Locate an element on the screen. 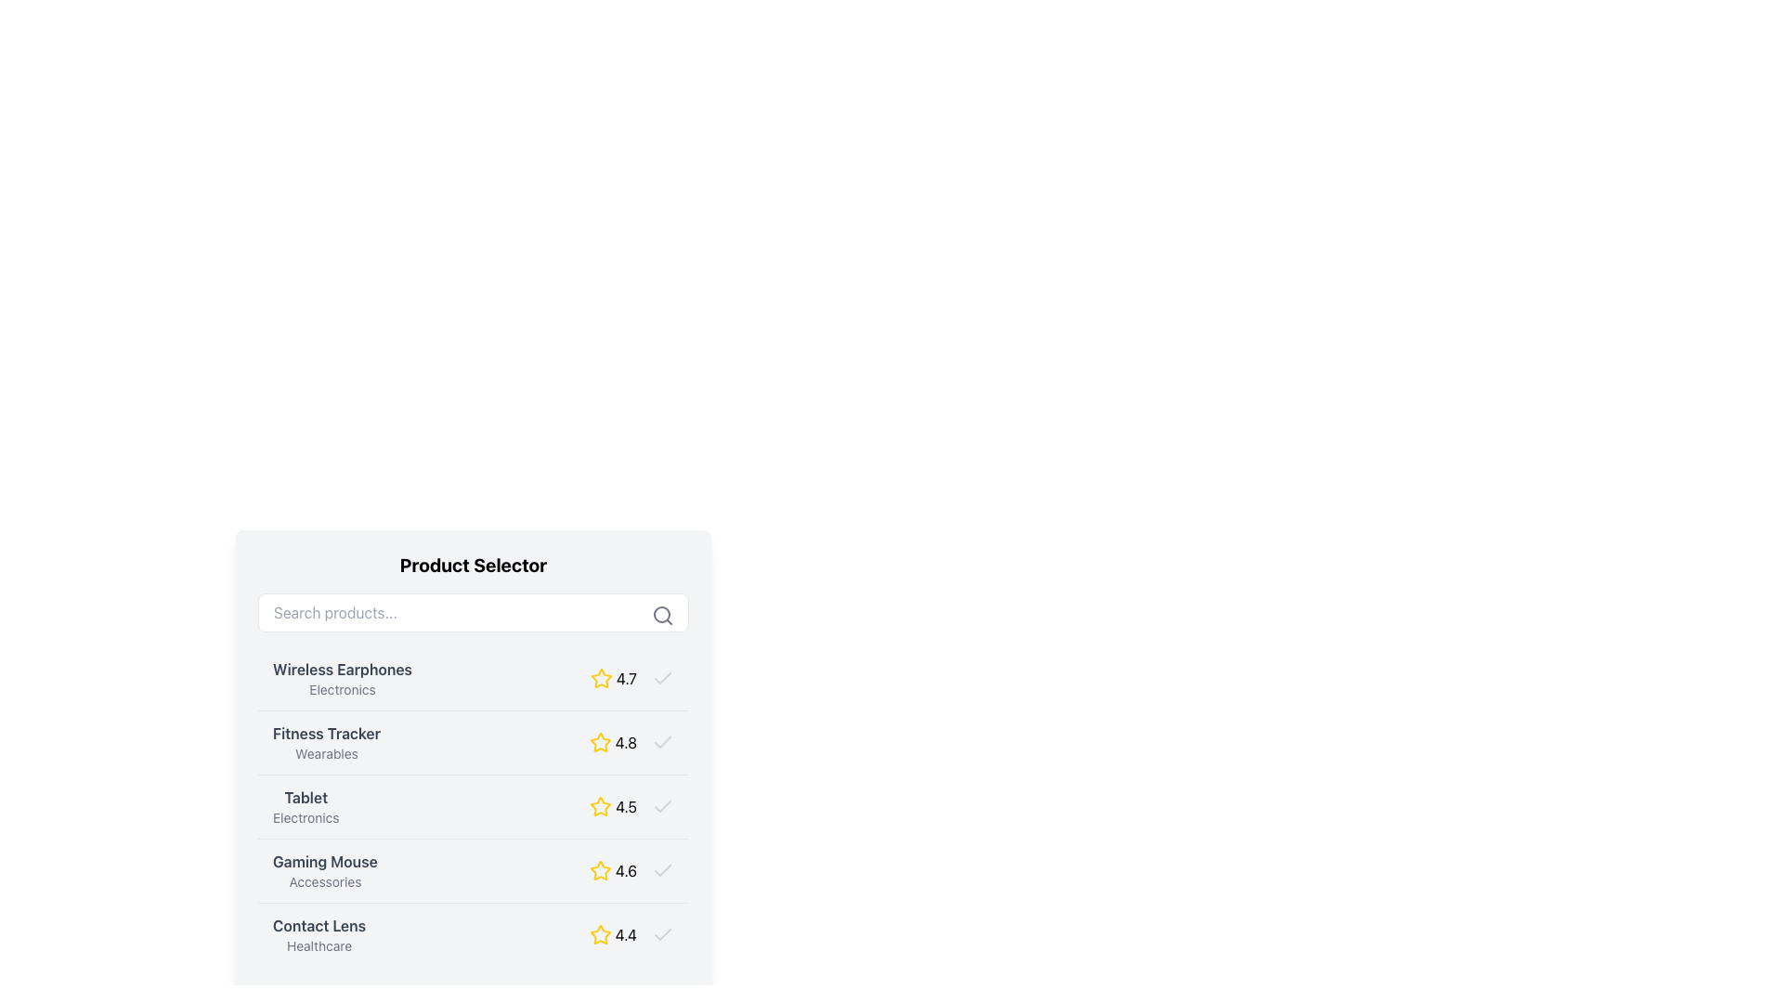  the text label displaying 'Gaming Mouse' and 'Accessories', which is centrally positioned beneath the 'Tablet' item and above the 'Contact Lens' item is located at coordinates (325, 870).